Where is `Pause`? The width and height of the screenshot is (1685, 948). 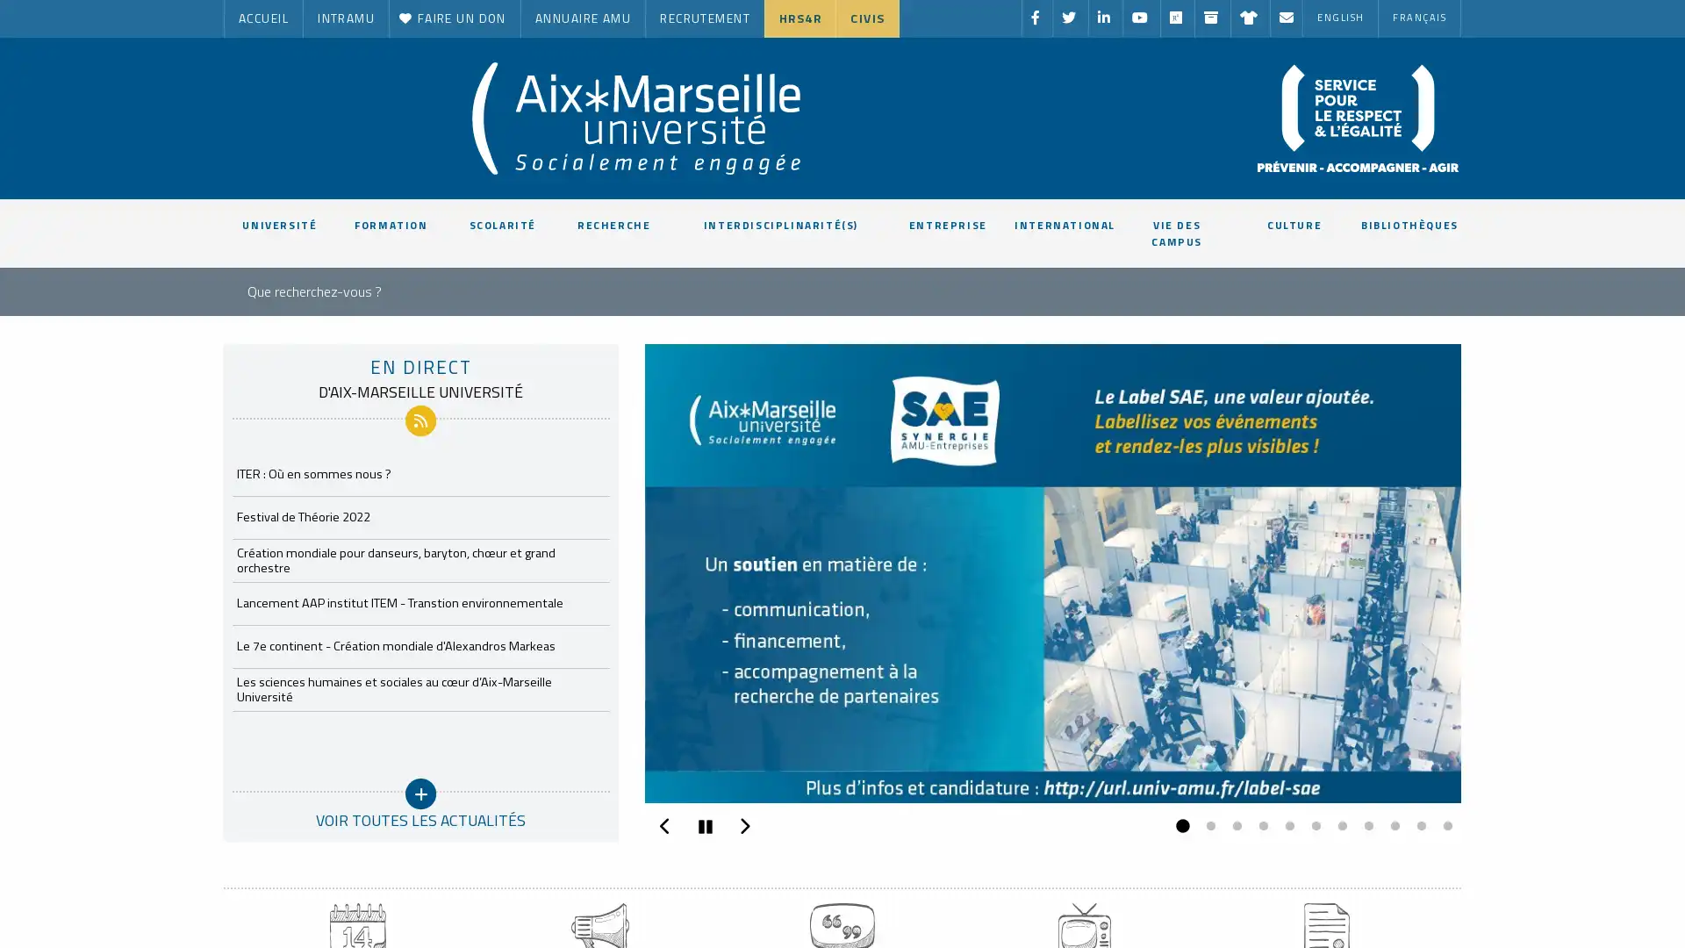
Pause is located at coordinates (704, 826).